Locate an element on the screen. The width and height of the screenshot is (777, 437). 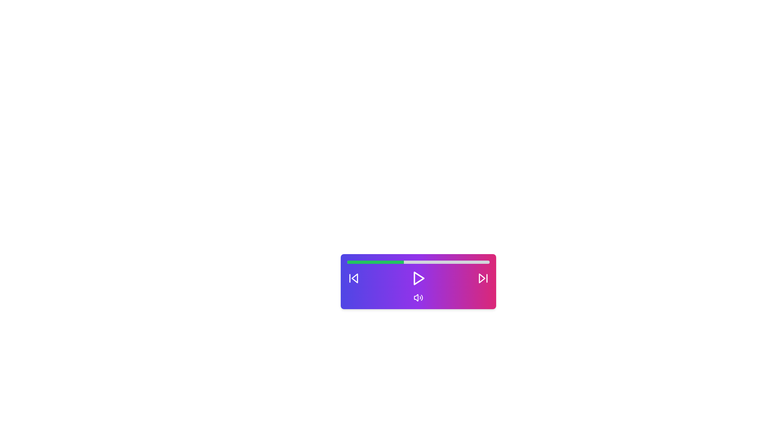
the volume to 91 percent is located at coordinates (476, 262).